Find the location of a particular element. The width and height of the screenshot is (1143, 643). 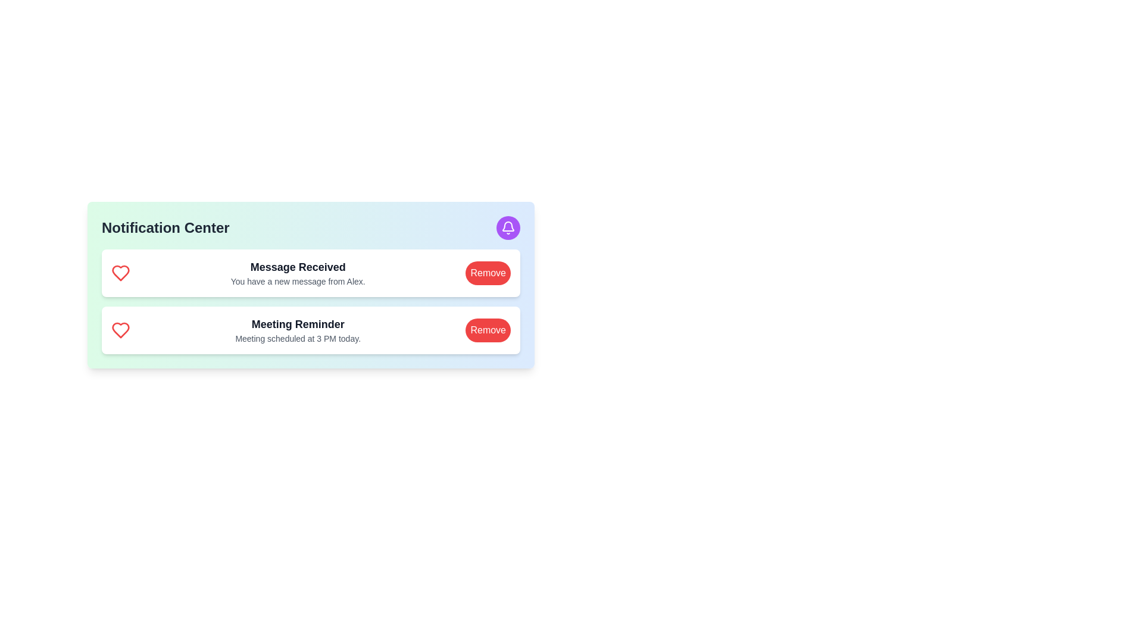

text label titled 'Message Received' located at the top of the notification card in the Notification Center is located at coordinates (298, 266).